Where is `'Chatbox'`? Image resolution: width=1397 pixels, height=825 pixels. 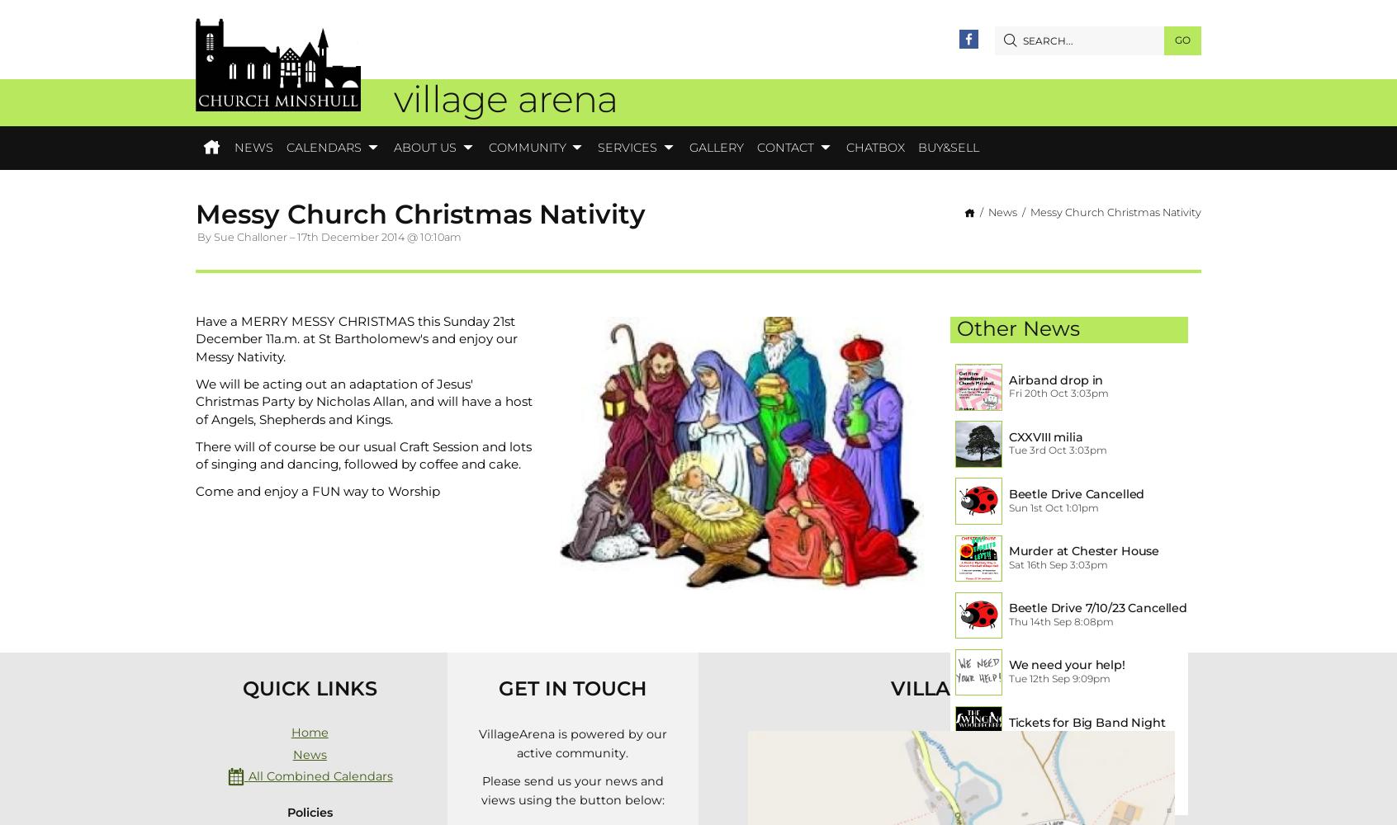 'Chatbox' is located at coordinates (874, 147).